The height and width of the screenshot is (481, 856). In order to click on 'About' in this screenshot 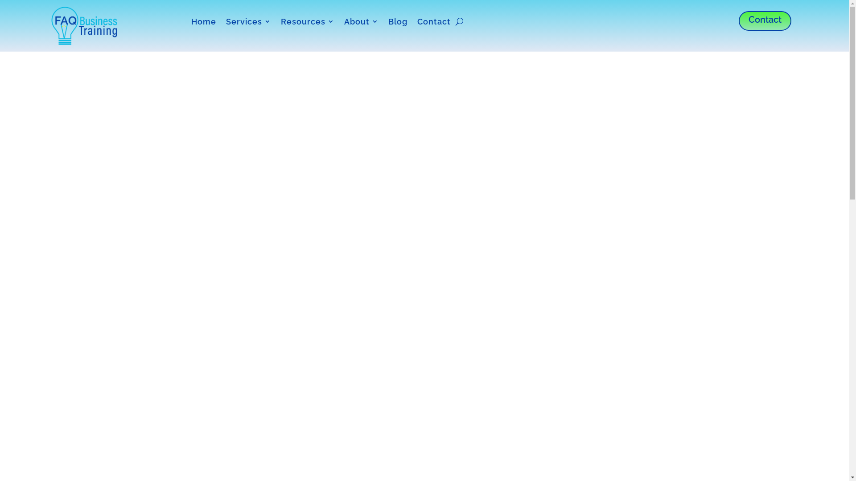, I will do `click(361, 23)`.